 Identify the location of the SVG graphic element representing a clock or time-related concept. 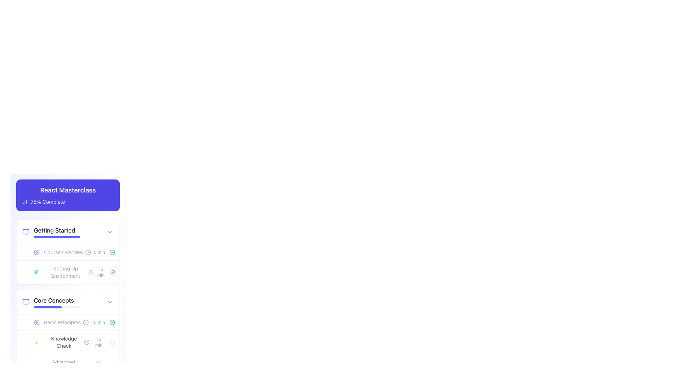
(90, 272).